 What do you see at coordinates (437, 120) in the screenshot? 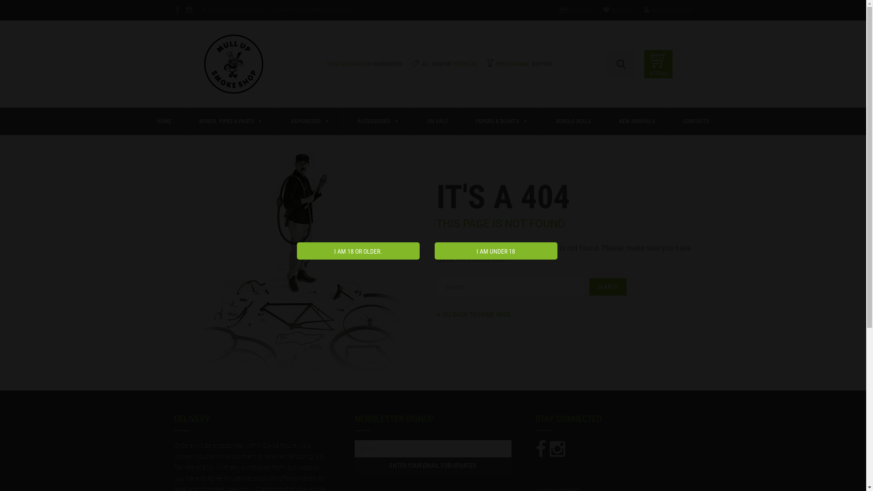
I see `'ON SALE'` at bounding box center [437, 120].